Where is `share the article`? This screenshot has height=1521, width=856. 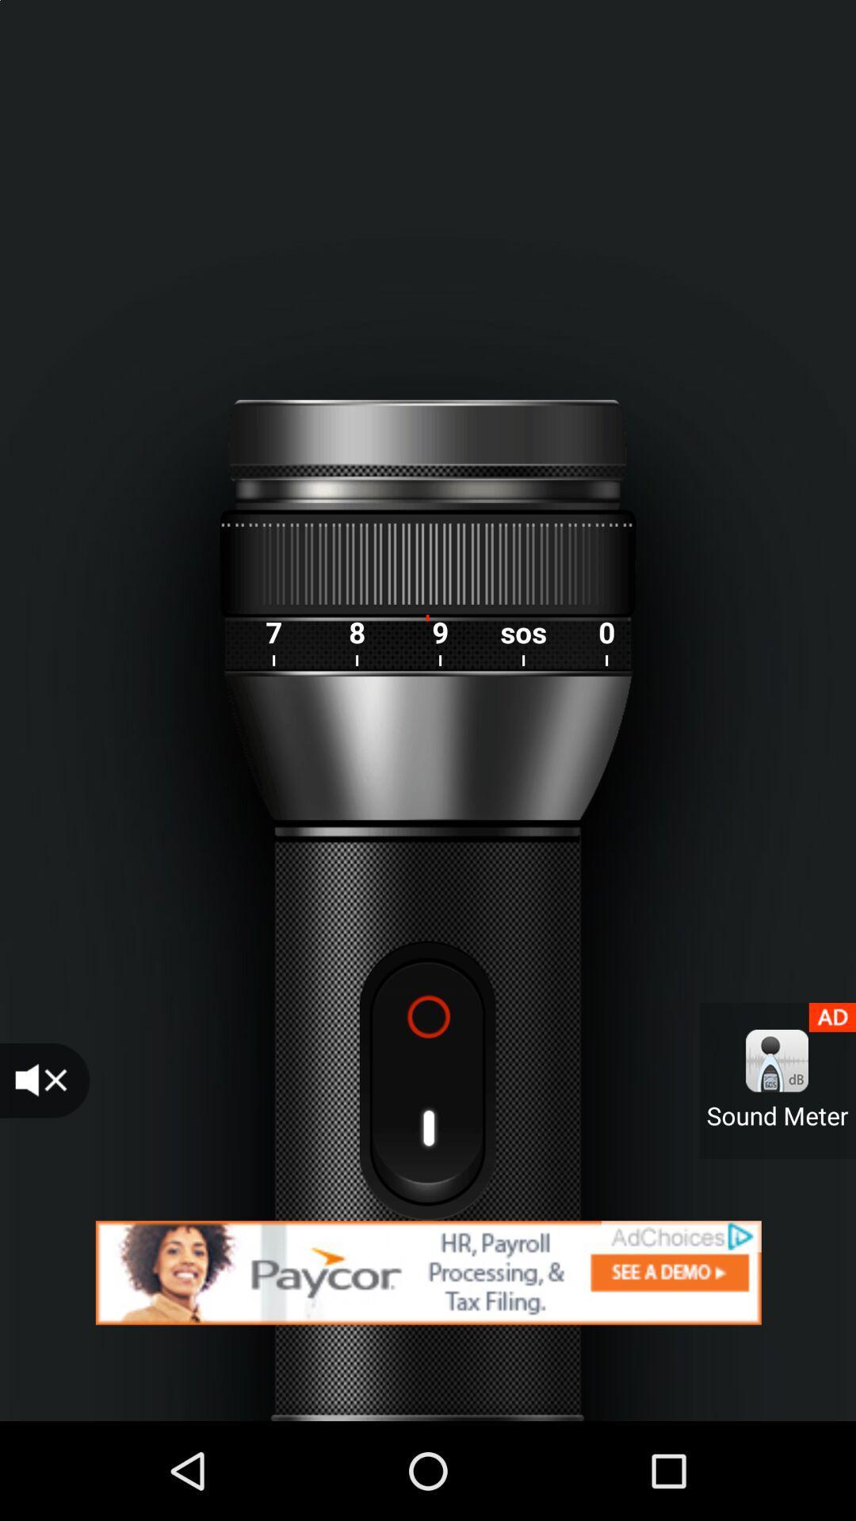
share the article is located at coordinates (428, 1272).